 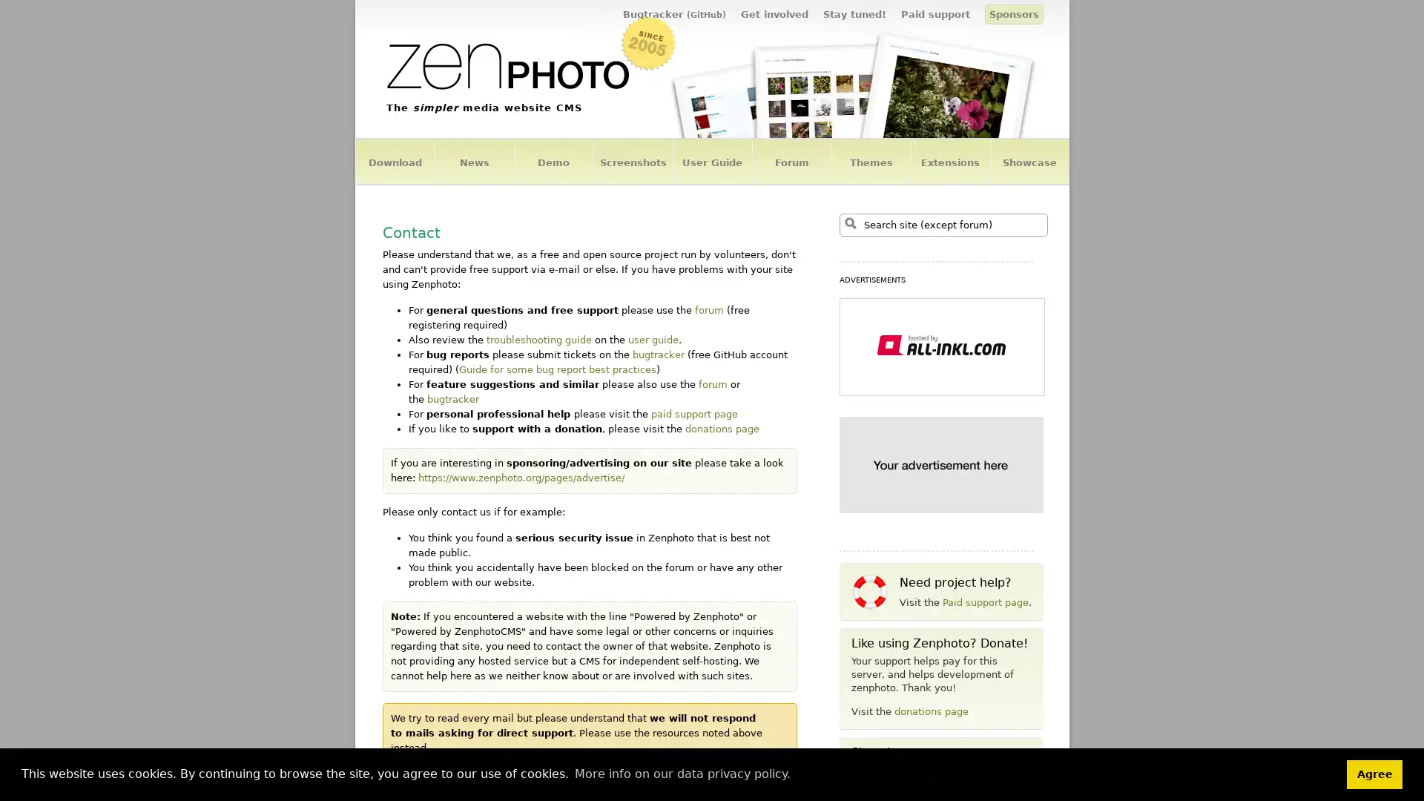 What do you see at coordinates (682, 774) in the screenshot?
I see `learn more about cookies` at bounding box center [682, 774].